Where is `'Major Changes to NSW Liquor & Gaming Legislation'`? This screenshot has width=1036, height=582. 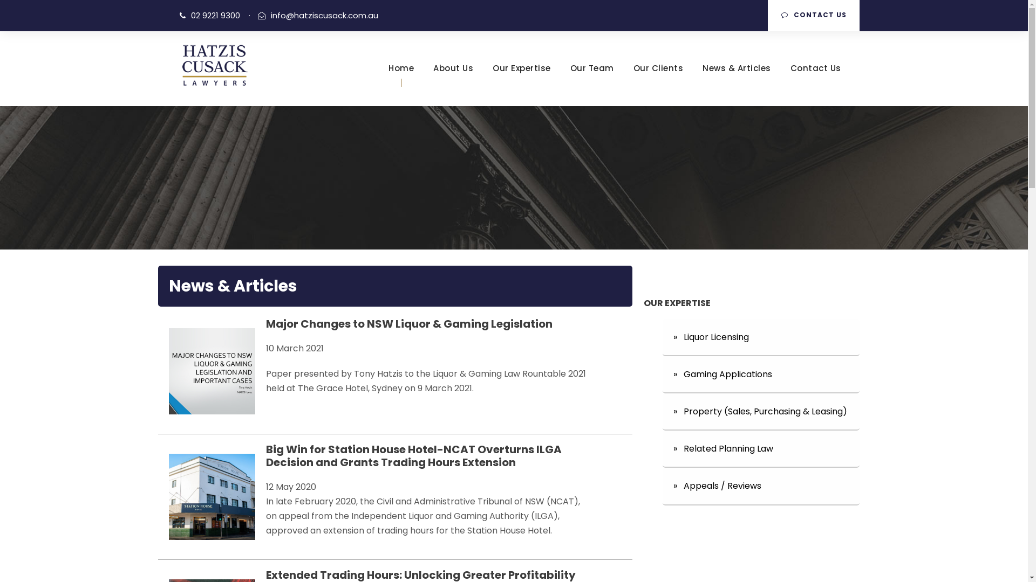 'Major Changes to NSW Liquor & Gaming Legislation' is located at coordinates (212, 370).